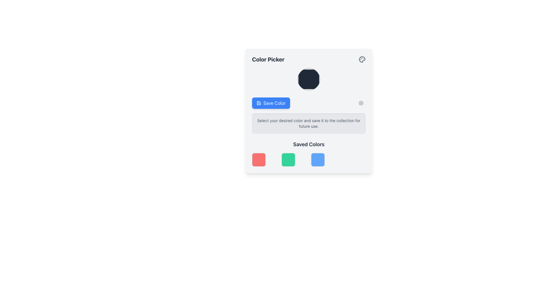 This screenshot has width=545, height=306. I want to click on the Text Block that provides a description for selecting a color and saving it, located below the 'Save Color' button and above the 'Saved Colors' section in the color picking interface card, so click(309, 123).